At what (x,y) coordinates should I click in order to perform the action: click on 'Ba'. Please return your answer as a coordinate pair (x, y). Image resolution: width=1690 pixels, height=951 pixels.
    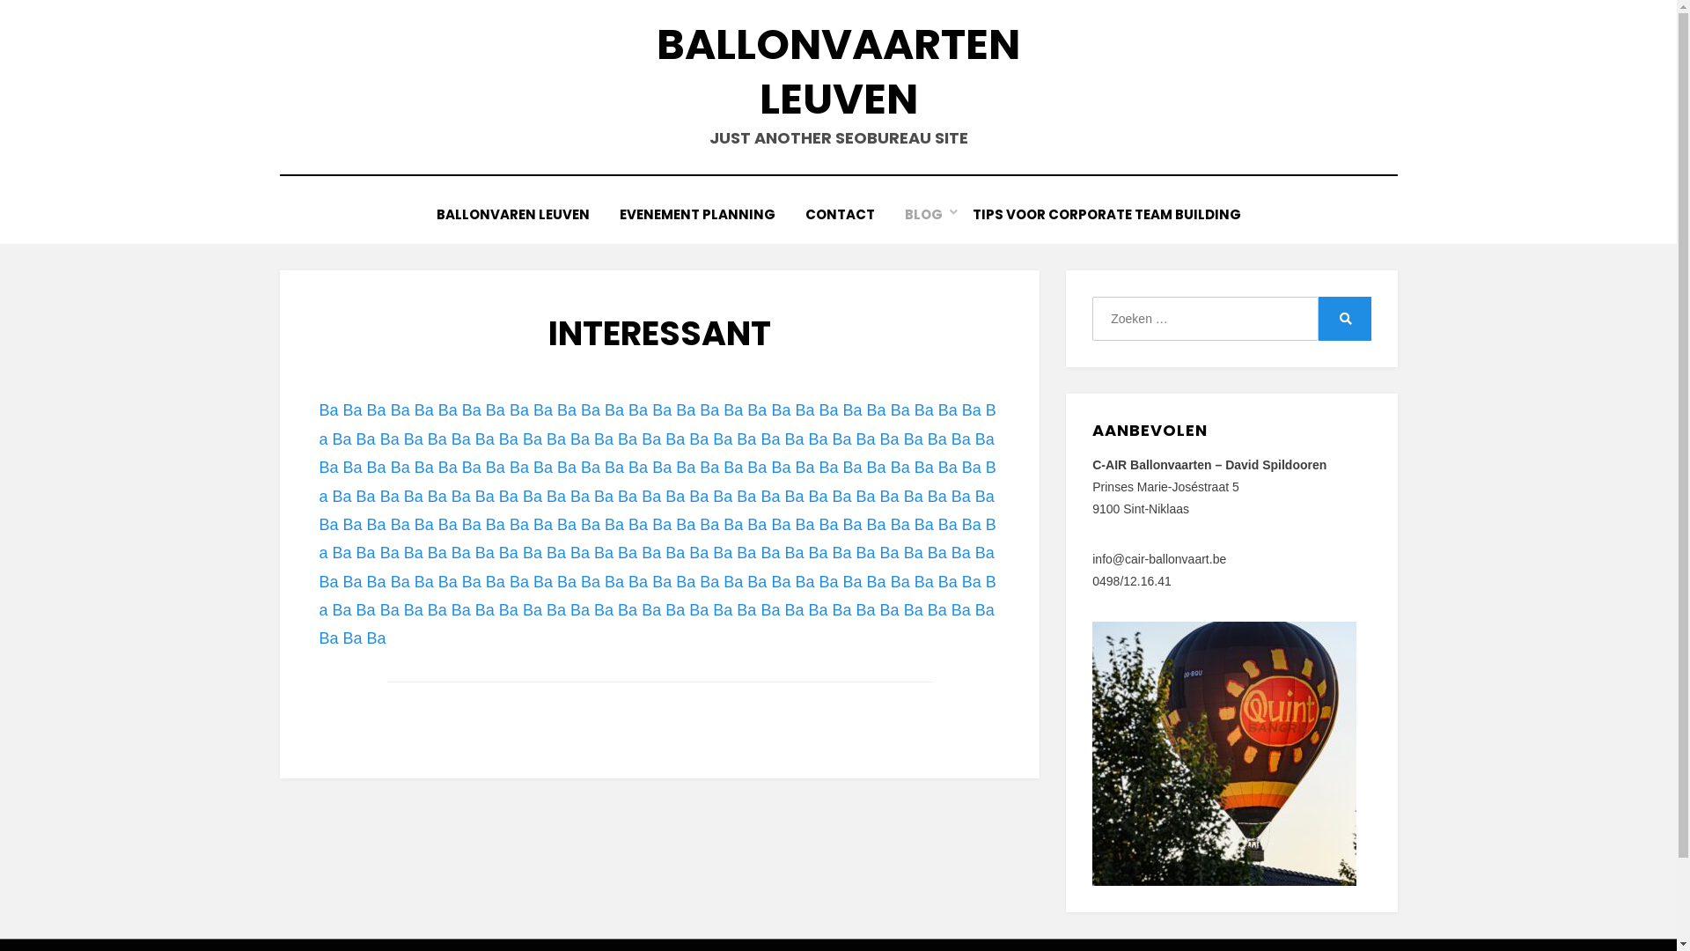
    Looking at the image, I should click on (769, 496).